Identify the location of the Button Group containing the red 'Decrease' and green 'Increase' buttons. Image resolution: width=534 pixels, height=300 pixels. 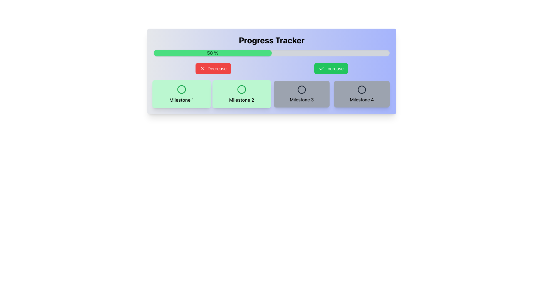
(272, 68).